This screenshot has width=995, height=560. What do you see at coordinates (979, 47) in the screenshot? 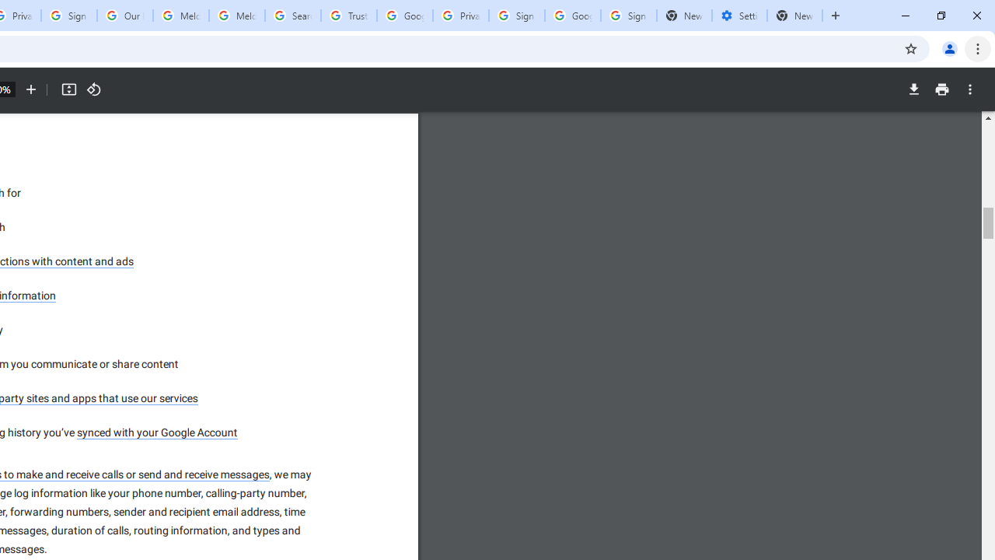
I see `'Chrome'` at bounding box center [979, 47].